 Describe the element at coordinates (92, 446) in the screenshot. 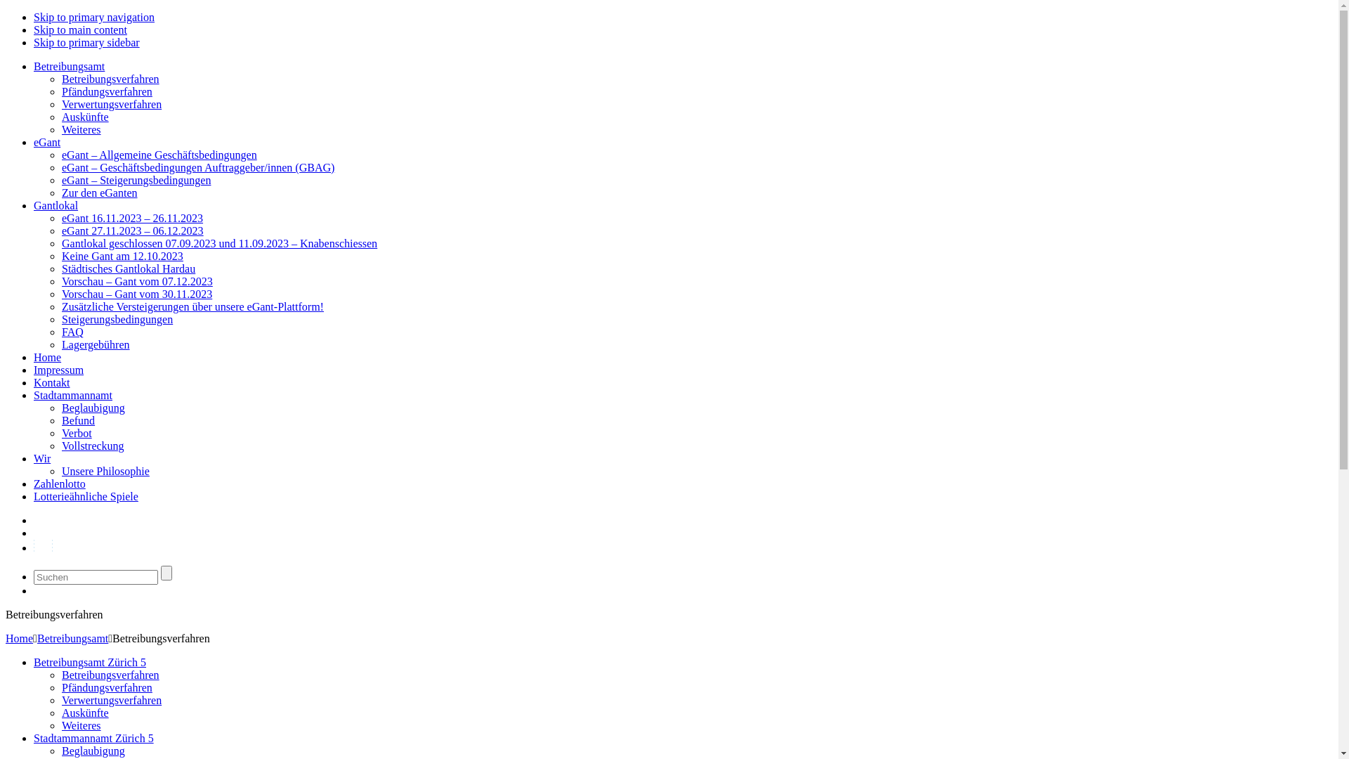

I see `'Vollstreckung'` at that location.